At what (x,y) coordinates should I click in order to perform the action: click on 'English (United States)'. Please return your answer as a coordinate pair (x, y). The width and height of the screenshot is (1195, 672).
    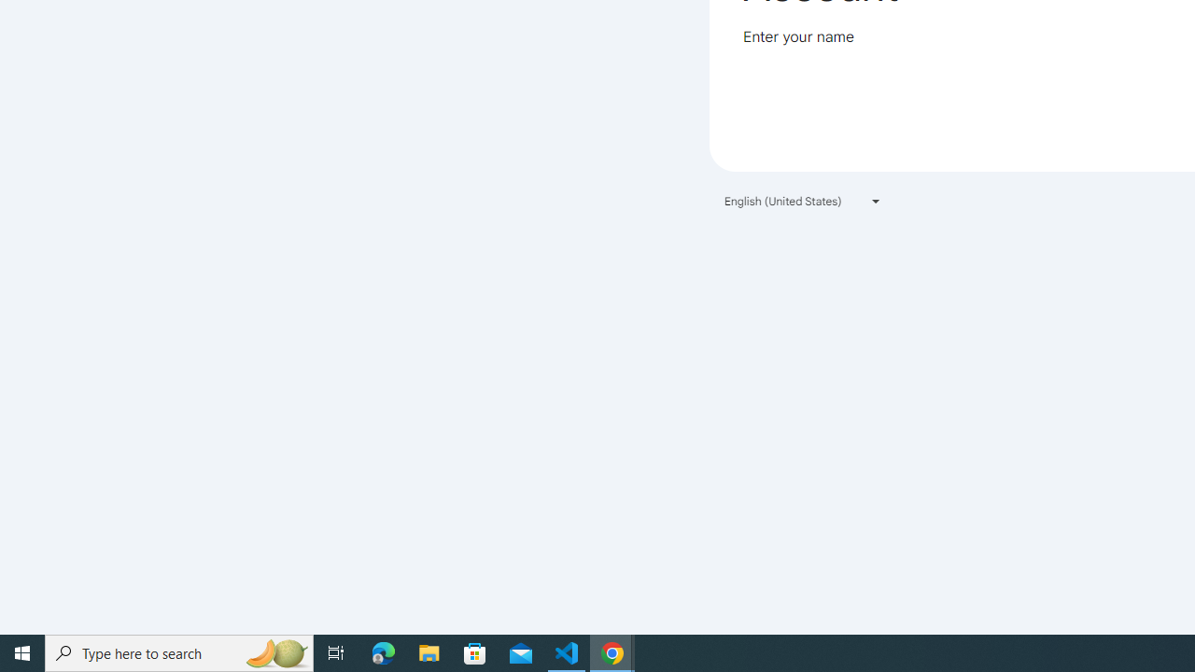
    Looking at the image, I should click on (803, 201).